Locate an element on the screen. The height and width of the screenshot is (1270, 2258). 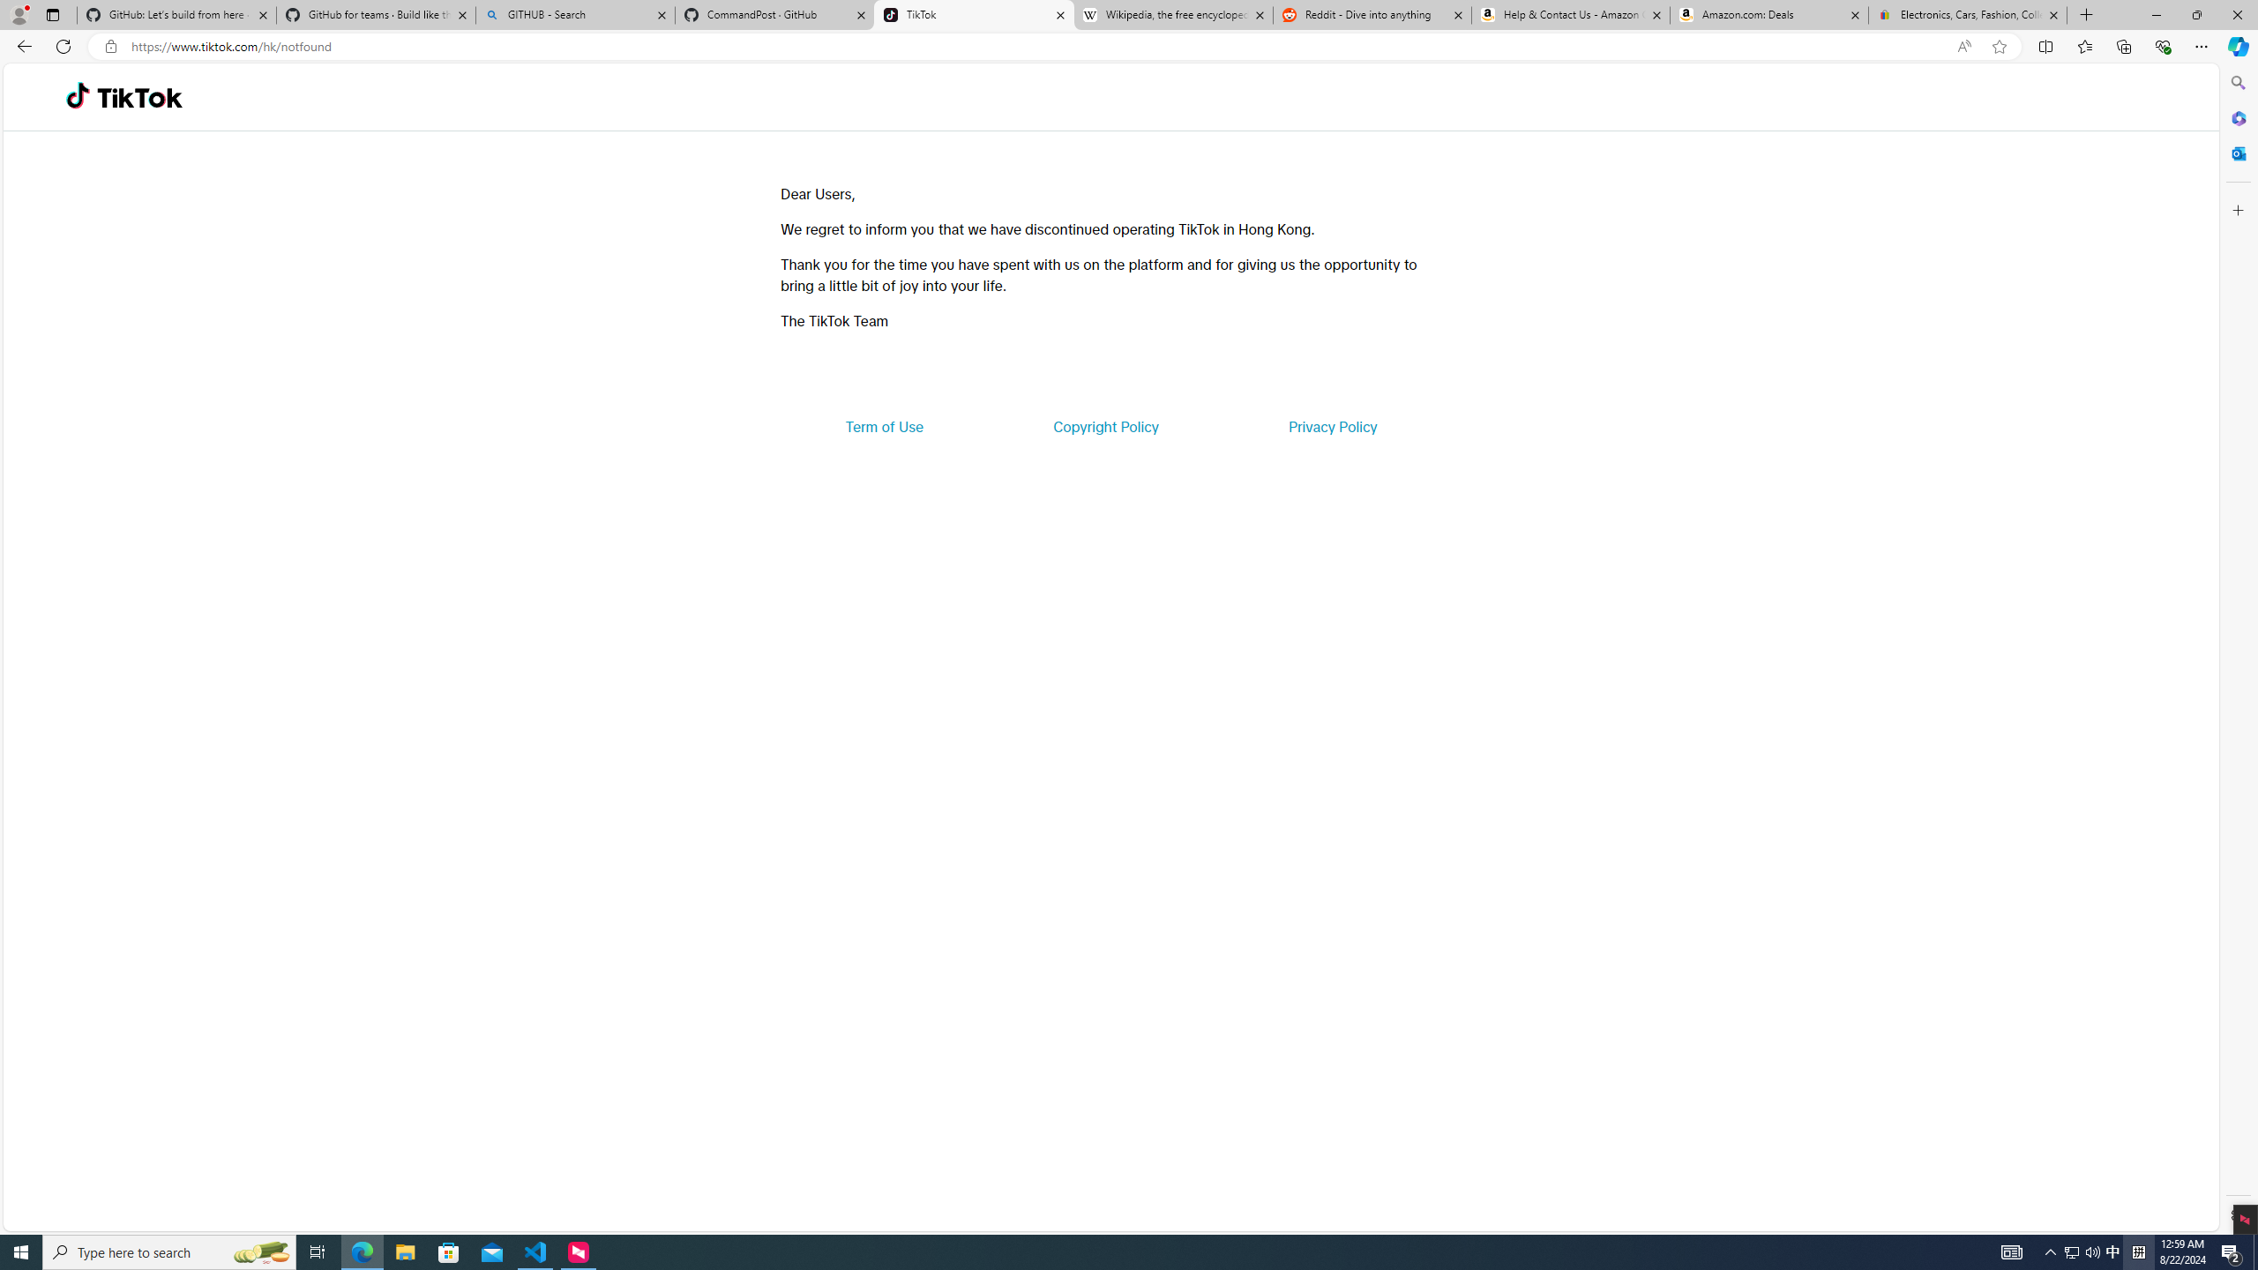
'Amazon.com: Deals' is located at coordinates (1768, 14).